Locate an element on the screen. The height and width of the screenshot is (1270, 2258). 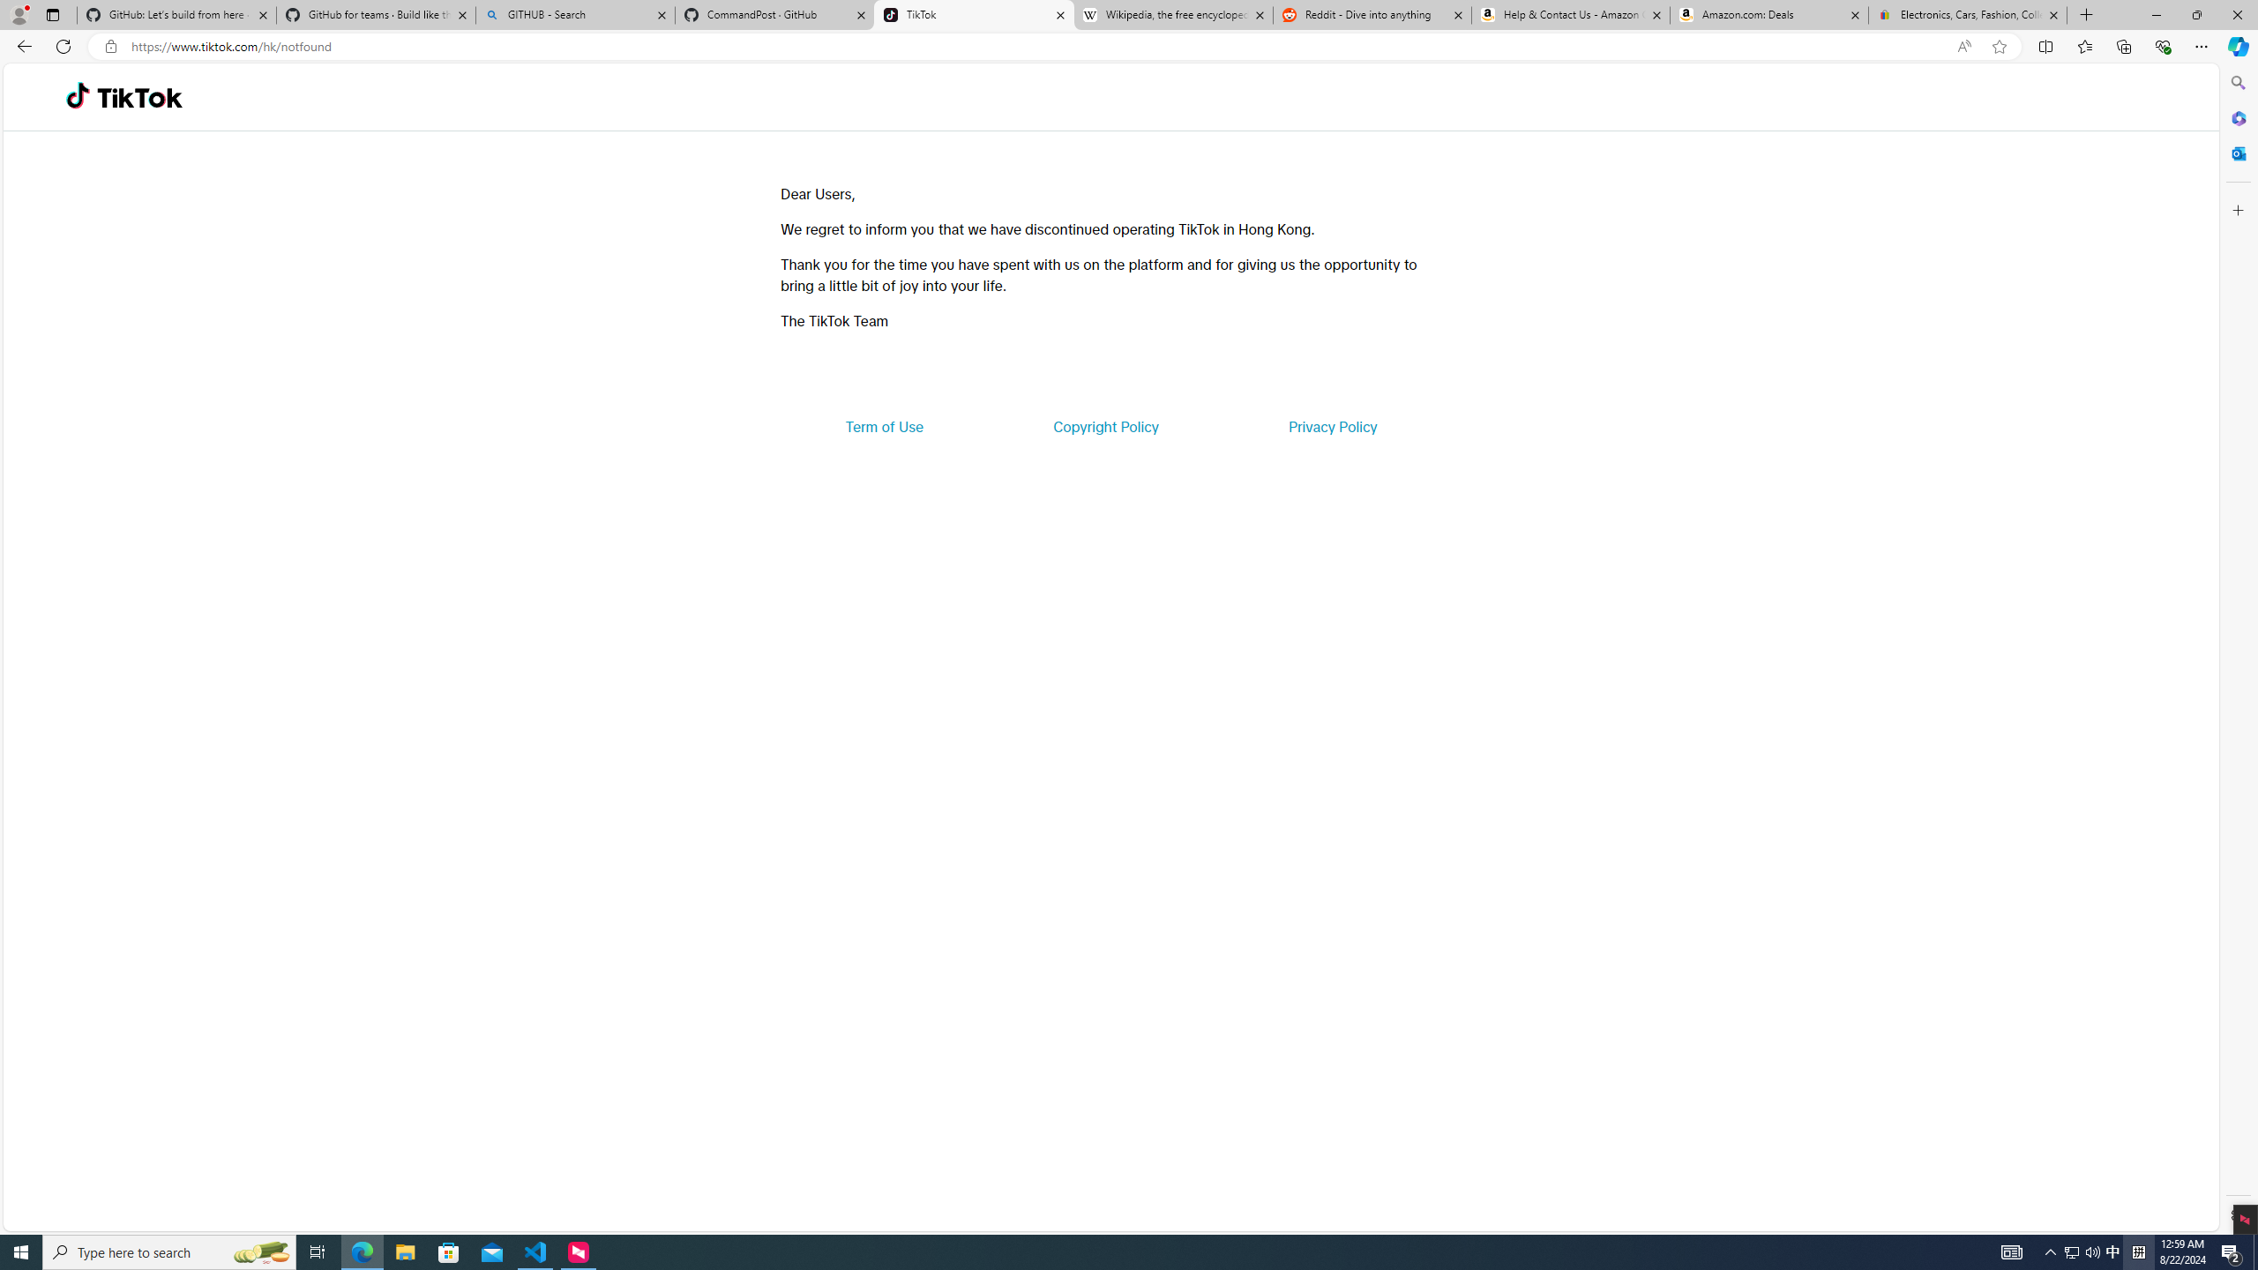
'Amazon.com: Deals' is located at coordinates (1768, 14).